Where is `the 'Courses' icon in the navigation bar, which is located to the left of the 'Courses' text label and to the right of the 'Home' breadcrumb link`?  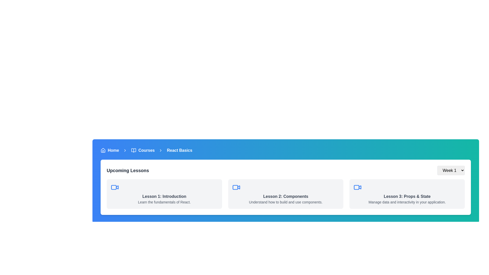
the 'Courses' icon in the navigation bar, which is located to the left of the 'Courses' text label and to the right of the 'Home' breadcrumb link is located at coordinates (134, 150).